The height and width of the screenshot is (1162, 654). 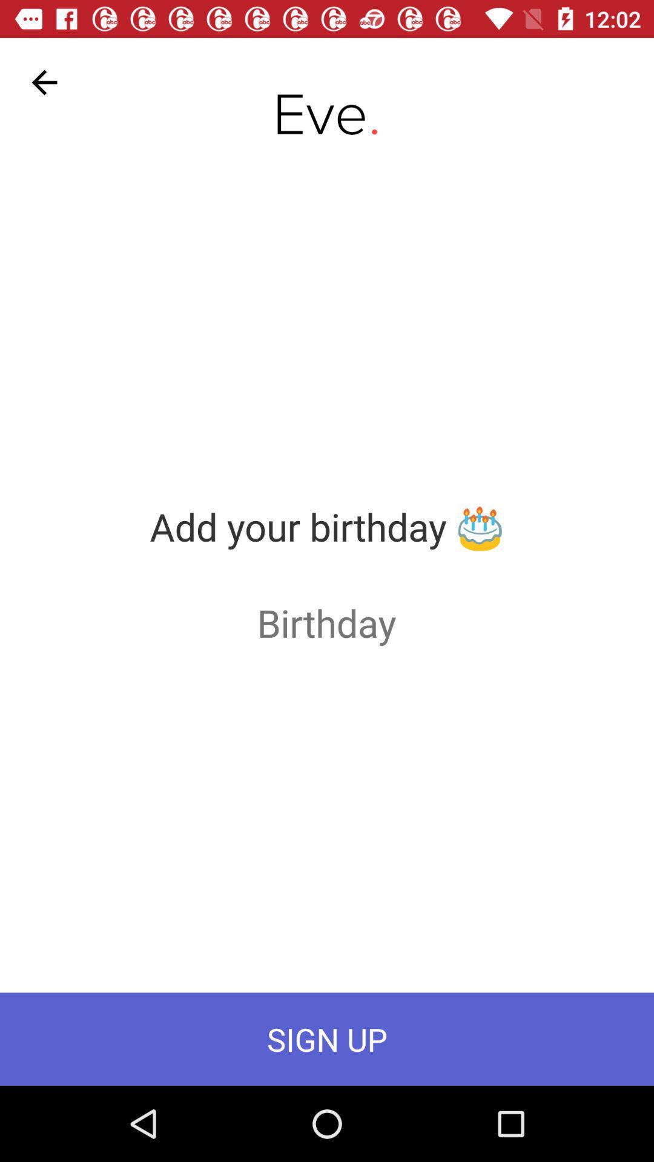 What do you see at coordinates (44, 82) in the screenshot?
I see `the item at the top left corner` at bounding box center [44, 82].